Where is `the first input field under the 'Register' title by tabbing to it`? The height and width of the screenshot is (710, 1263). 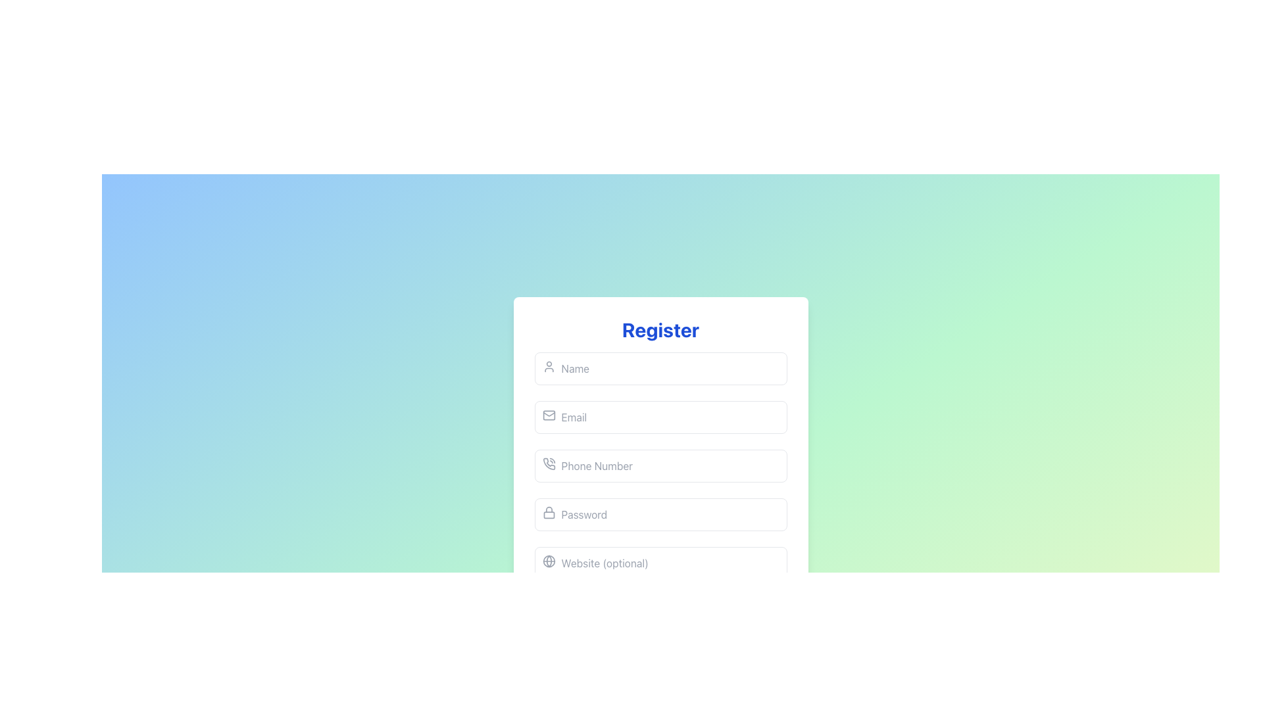
the first input field under the 'Register' title by tabbing to it is located at coordinates (660, 368).